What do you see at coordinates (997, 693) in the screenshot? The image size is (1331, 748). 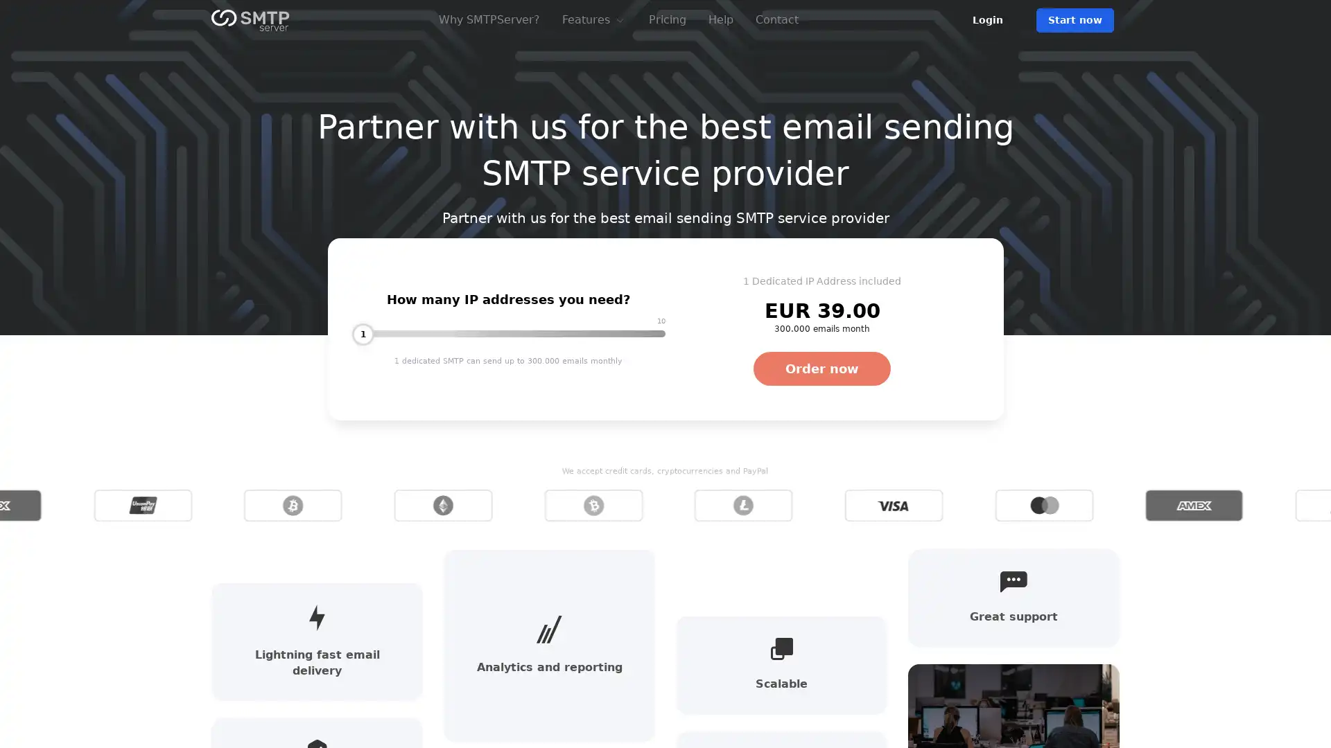 I see `Decline` at bounding box center [997, 693].